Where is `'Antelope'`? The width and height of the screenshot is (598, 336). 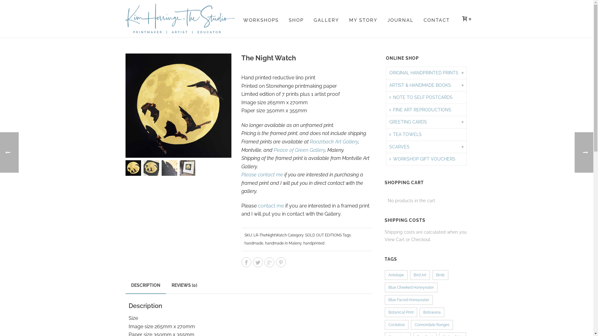
'Antelope' is located at coordinates (384, 274).